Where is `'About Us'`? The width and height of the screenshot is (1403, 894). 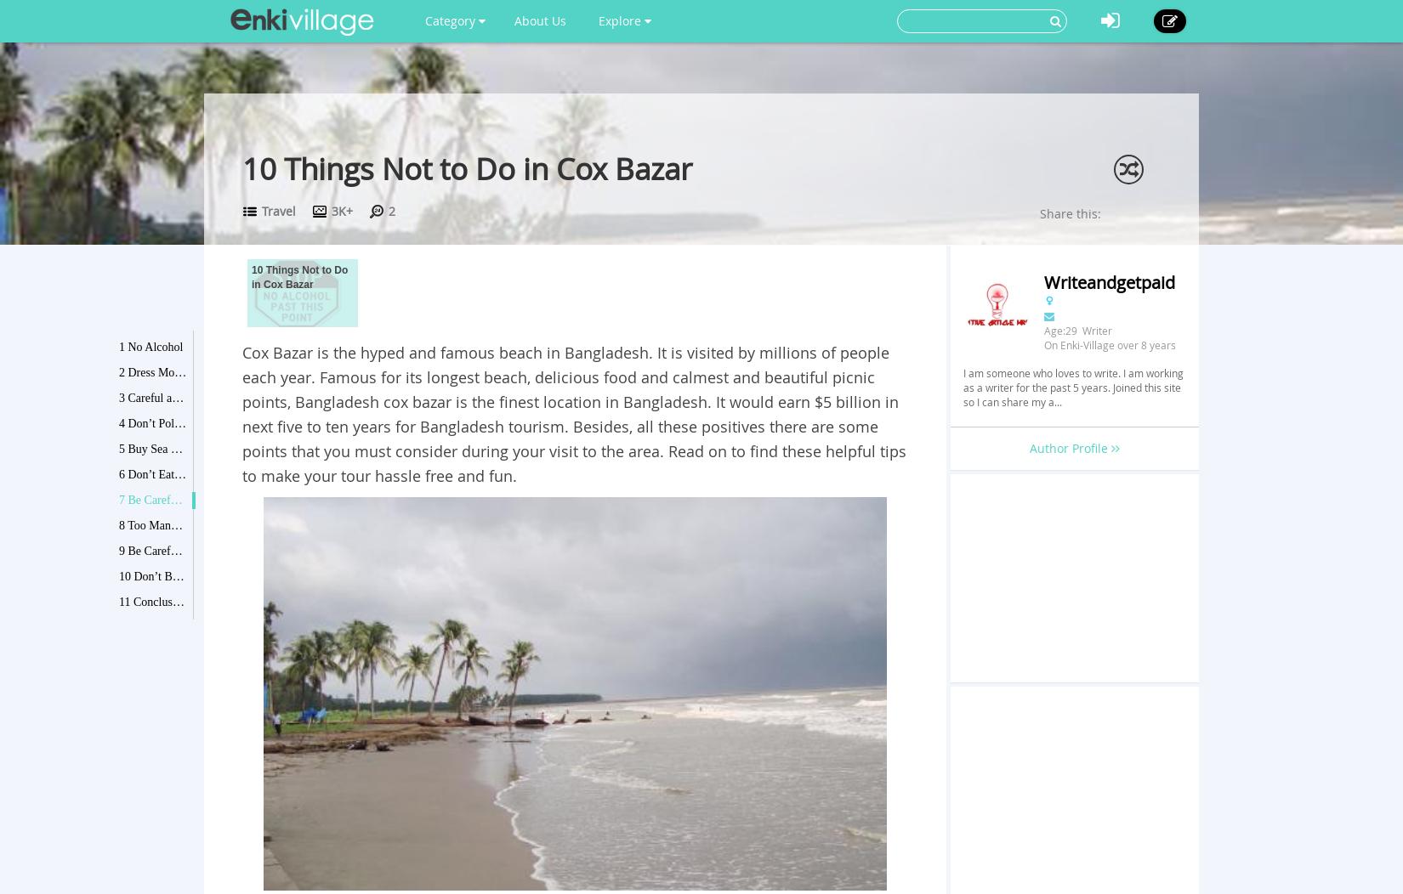
'About Us' is located at coordinates (513, 20).